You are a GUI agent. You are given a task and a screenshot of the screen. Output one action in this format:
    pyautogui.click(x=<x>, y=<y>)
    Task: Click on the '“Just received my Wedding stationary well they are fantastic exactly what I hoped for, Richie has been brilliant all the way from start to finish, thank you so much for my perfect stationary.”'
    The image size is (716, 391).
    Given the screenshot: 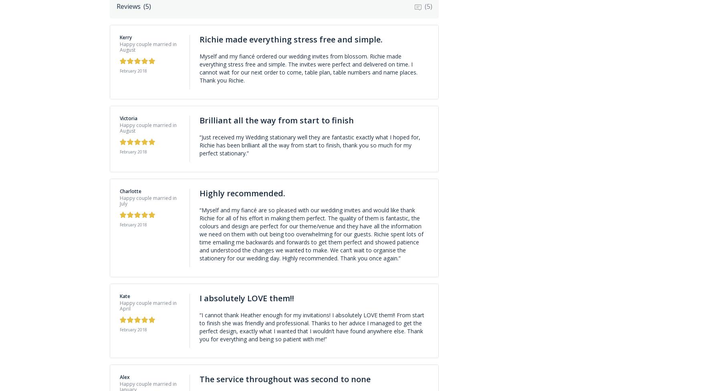 What is the action you would take?
    pyautogui.click(x=199, y=145)
    